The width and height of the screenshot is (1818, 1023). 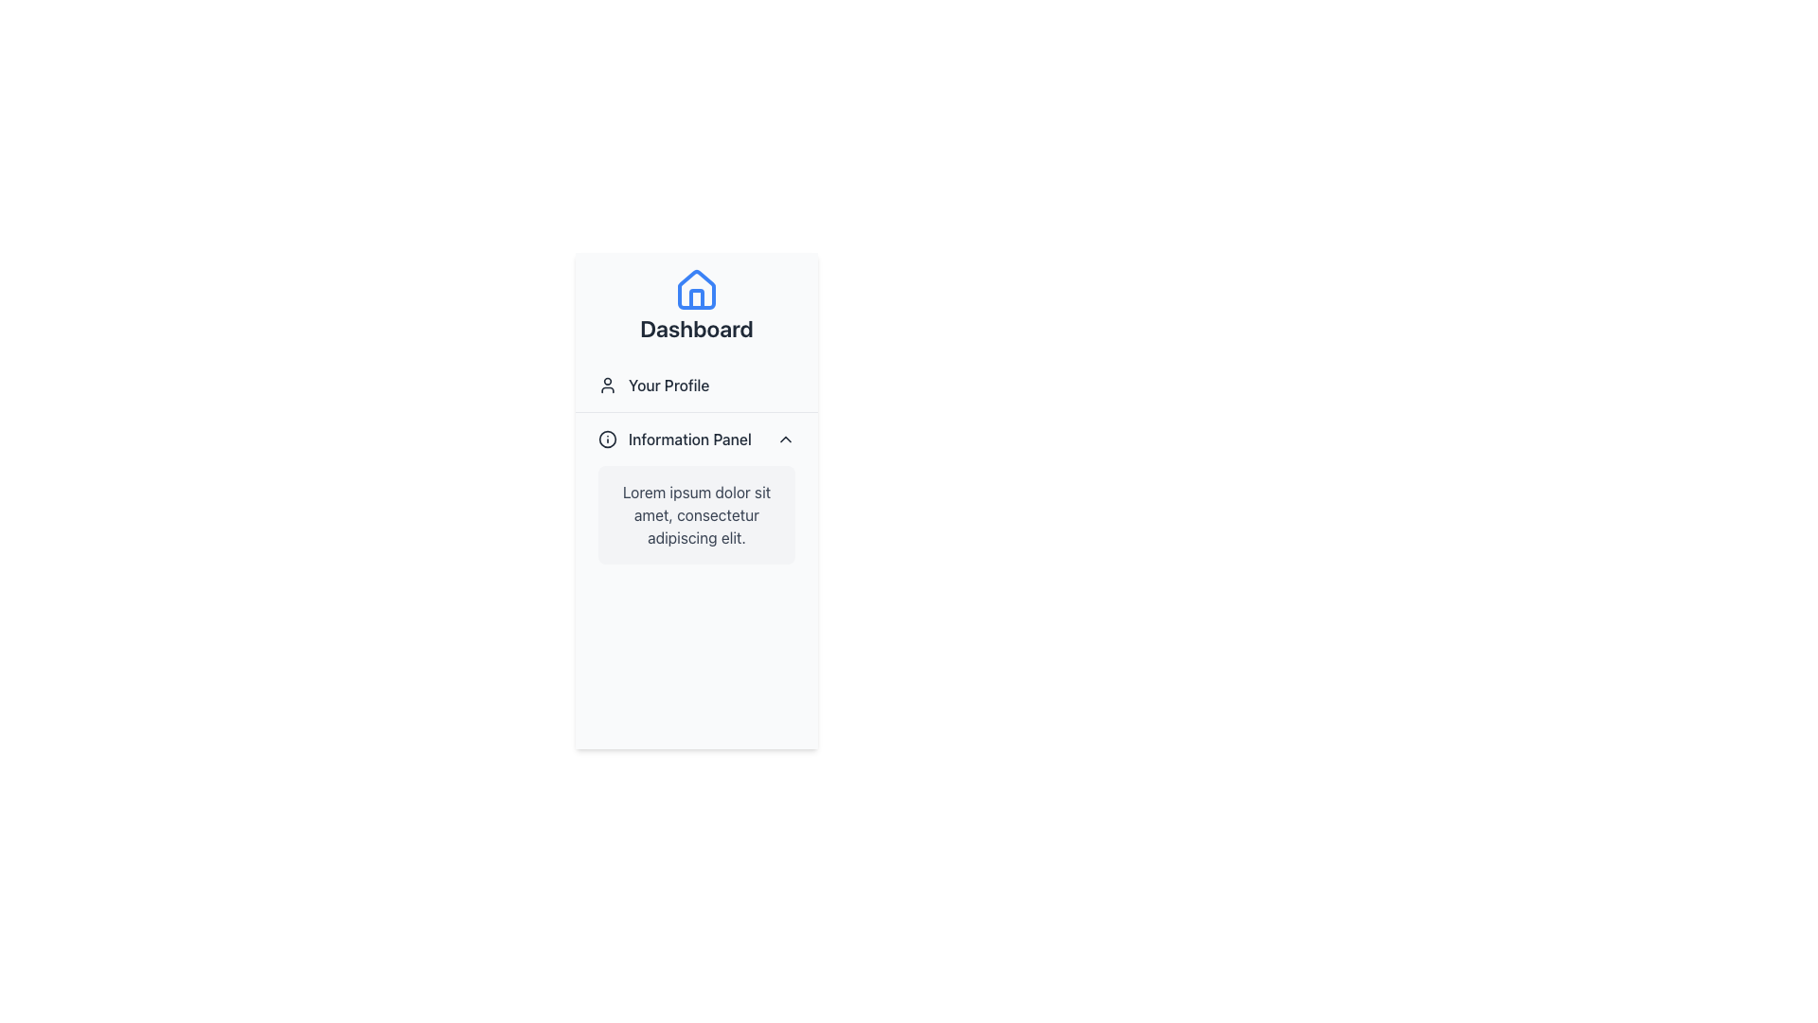 I want to click on 'Your Profile' text label with icon located in the sidebar under the 'Dashboard' title, which is styled in gray color and has a user figure icon to the left, so click(x=695, y=385).